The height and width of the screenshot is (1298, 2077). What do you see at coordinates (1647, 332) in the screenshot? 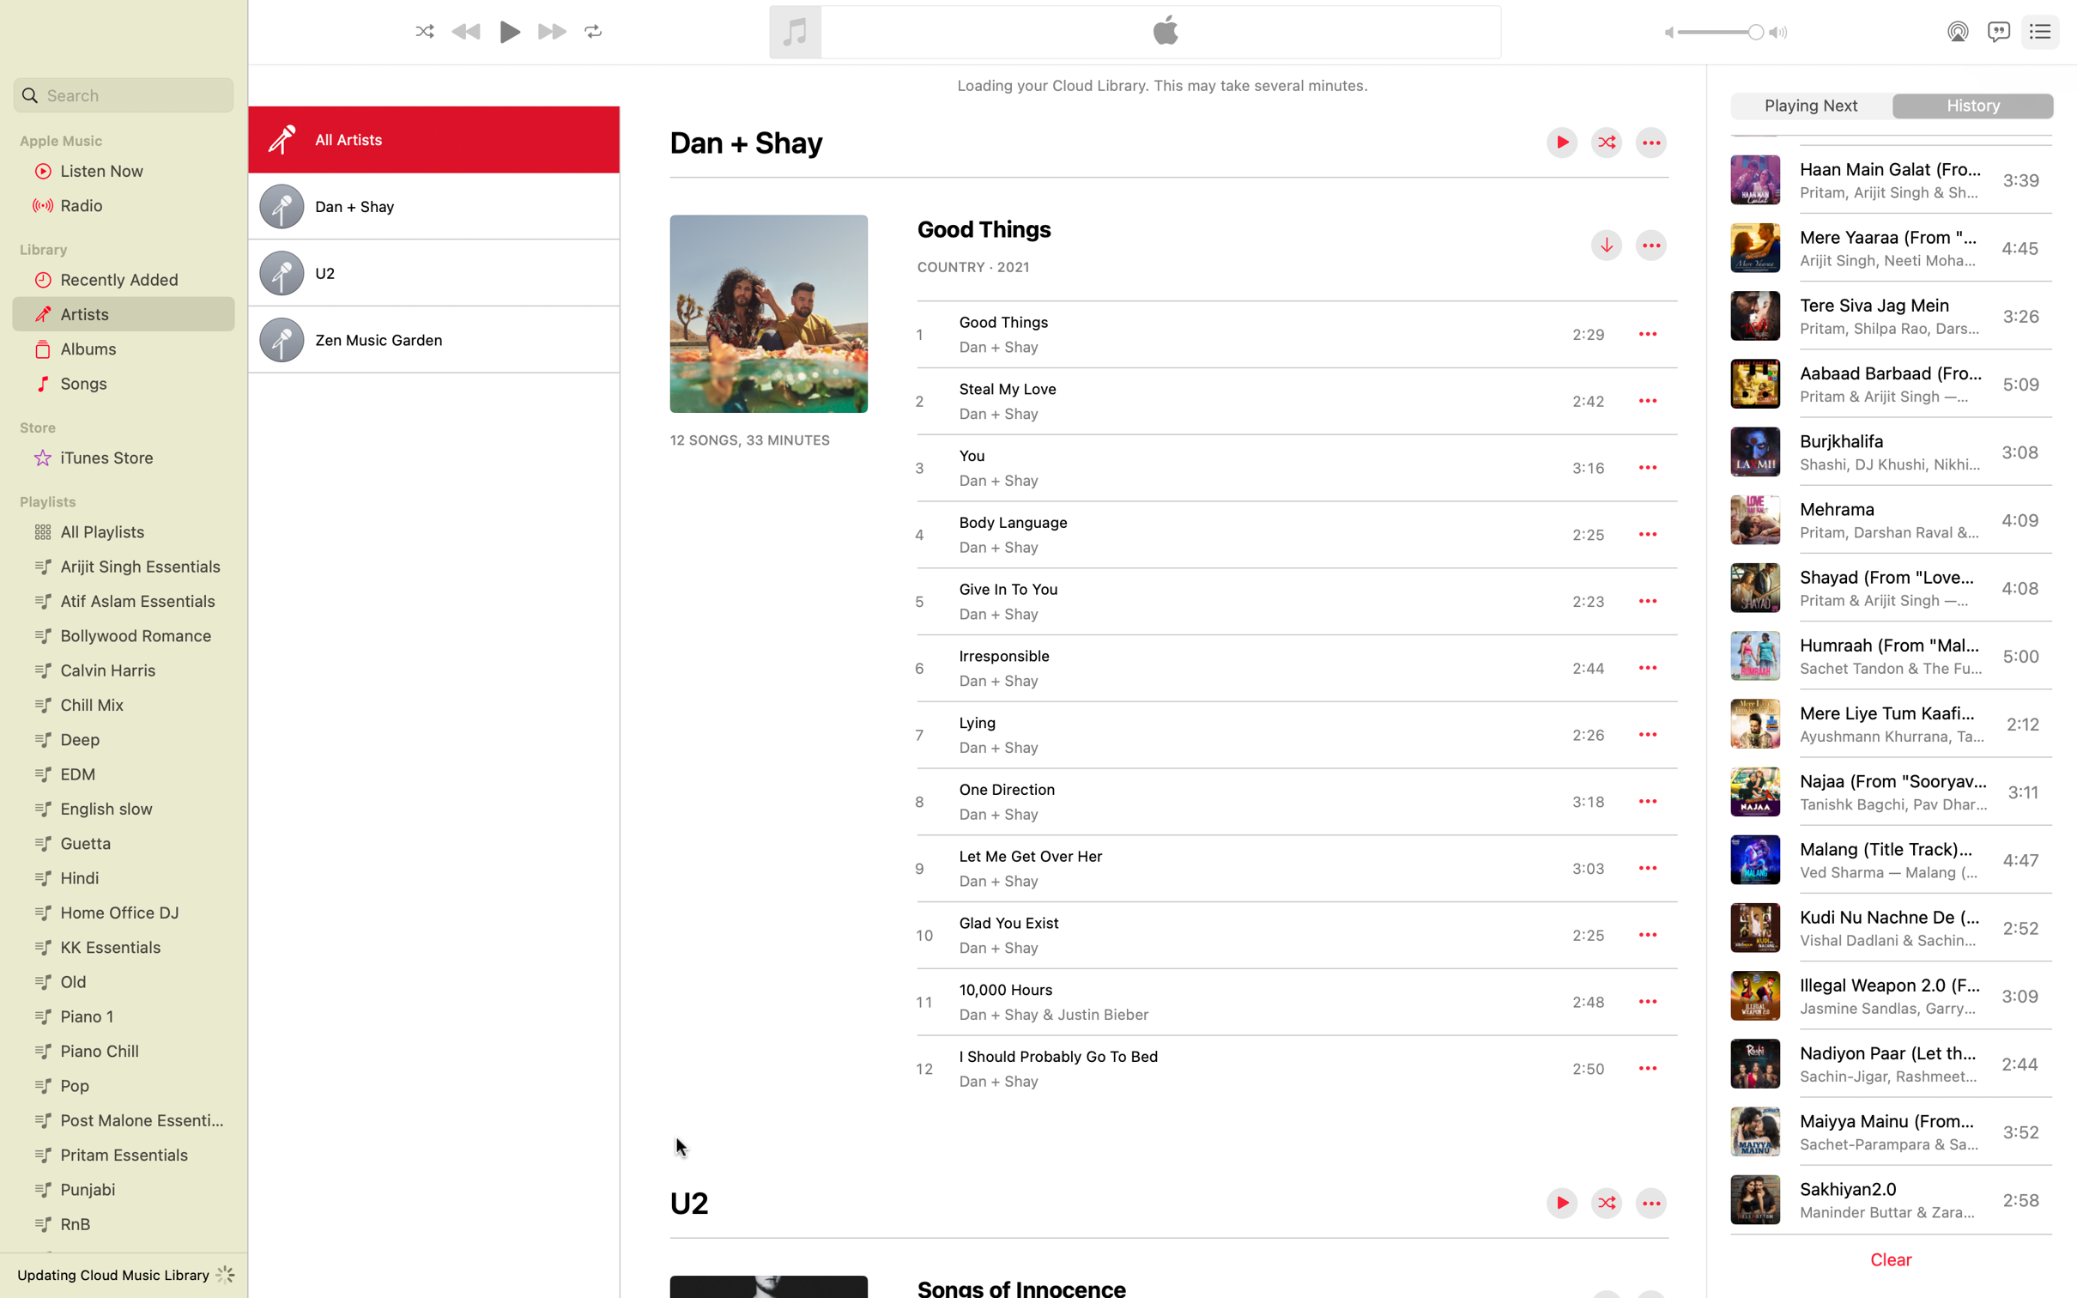
I see `the additional settings for the song "Good Things` at bounding box center [1647, 332].